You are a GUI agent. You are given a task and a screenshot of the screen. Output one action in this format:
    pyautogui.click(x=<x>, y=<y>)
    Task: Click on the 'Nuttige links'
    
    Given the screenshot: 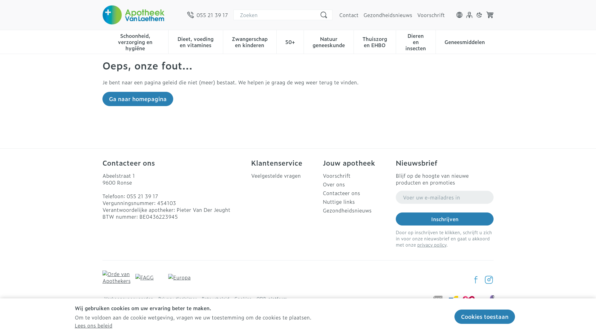 What is the action you would take?
    pyautogui.click(x=357, y=202)
    